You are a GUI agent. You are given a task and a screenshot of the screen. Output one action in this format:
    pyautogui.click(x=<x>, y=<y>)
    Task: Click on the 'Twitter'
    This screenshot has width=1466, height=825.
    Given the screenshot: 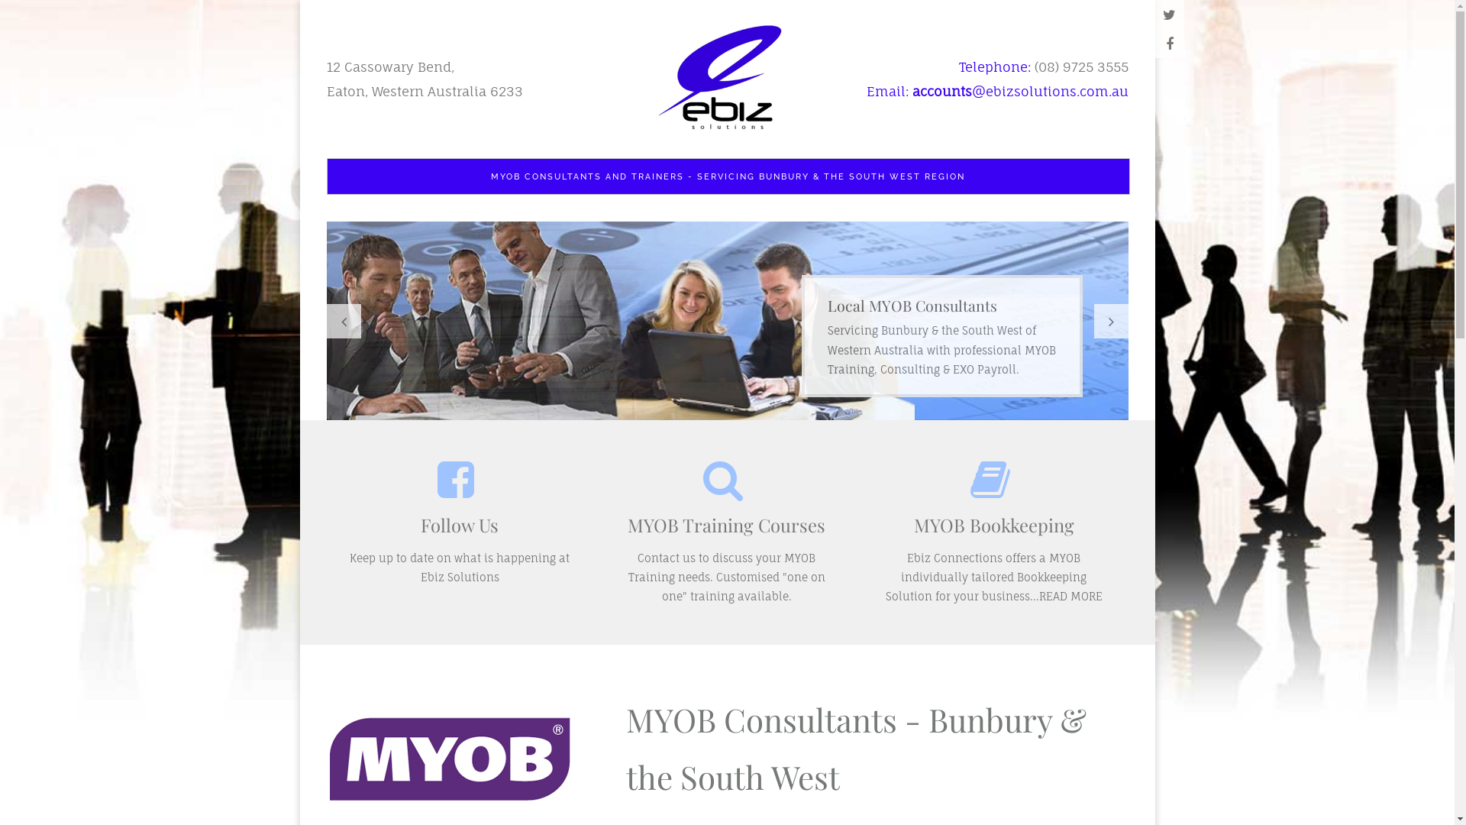 What is the action you would take?
    pyautogui.click(x=1168, y=15)
    